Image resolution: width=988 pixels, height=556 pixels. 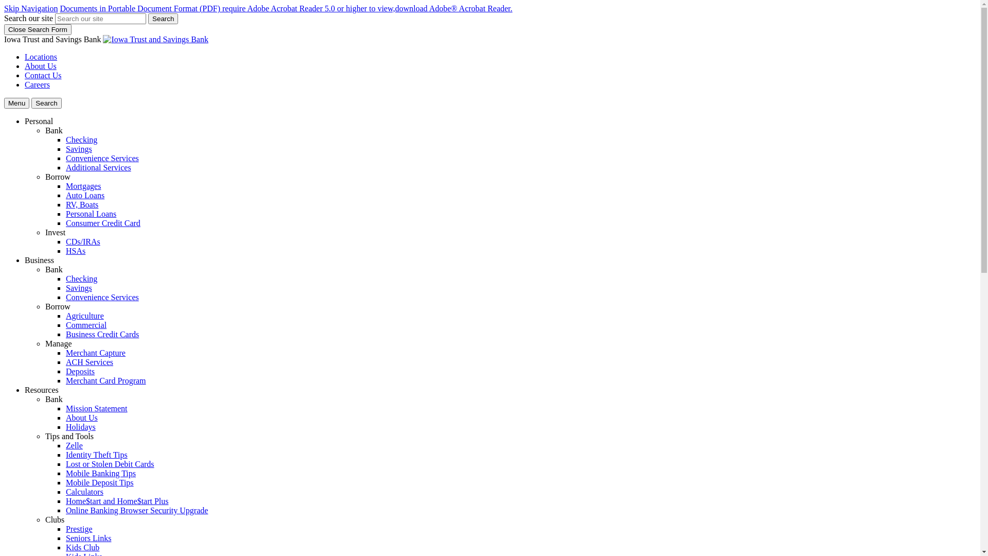 What do you see at coordinates (102, 334) in the screenshot?
I see `'Business Credit Cards'` at bounding box center [102, 334].